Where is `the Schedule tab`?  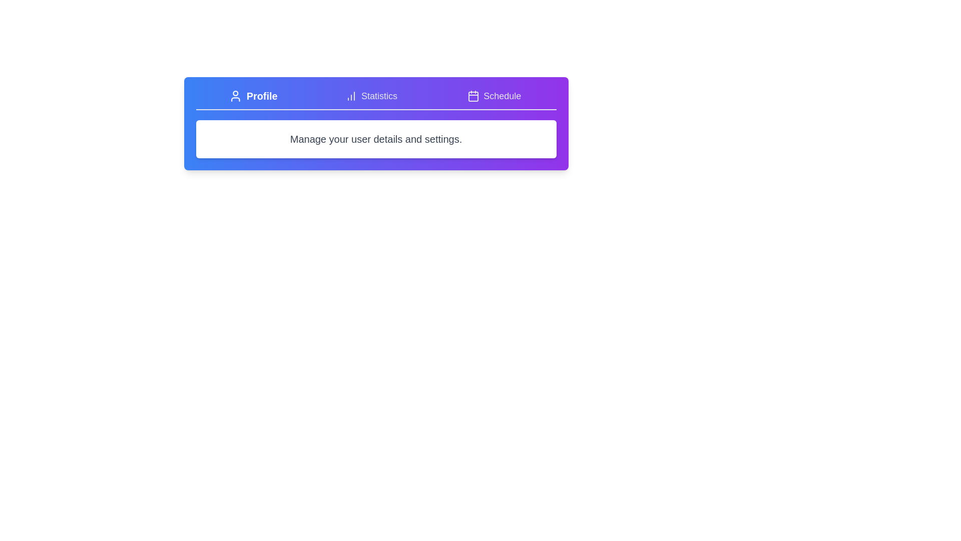
the Schedule tab is located at coordinates (494, 96).